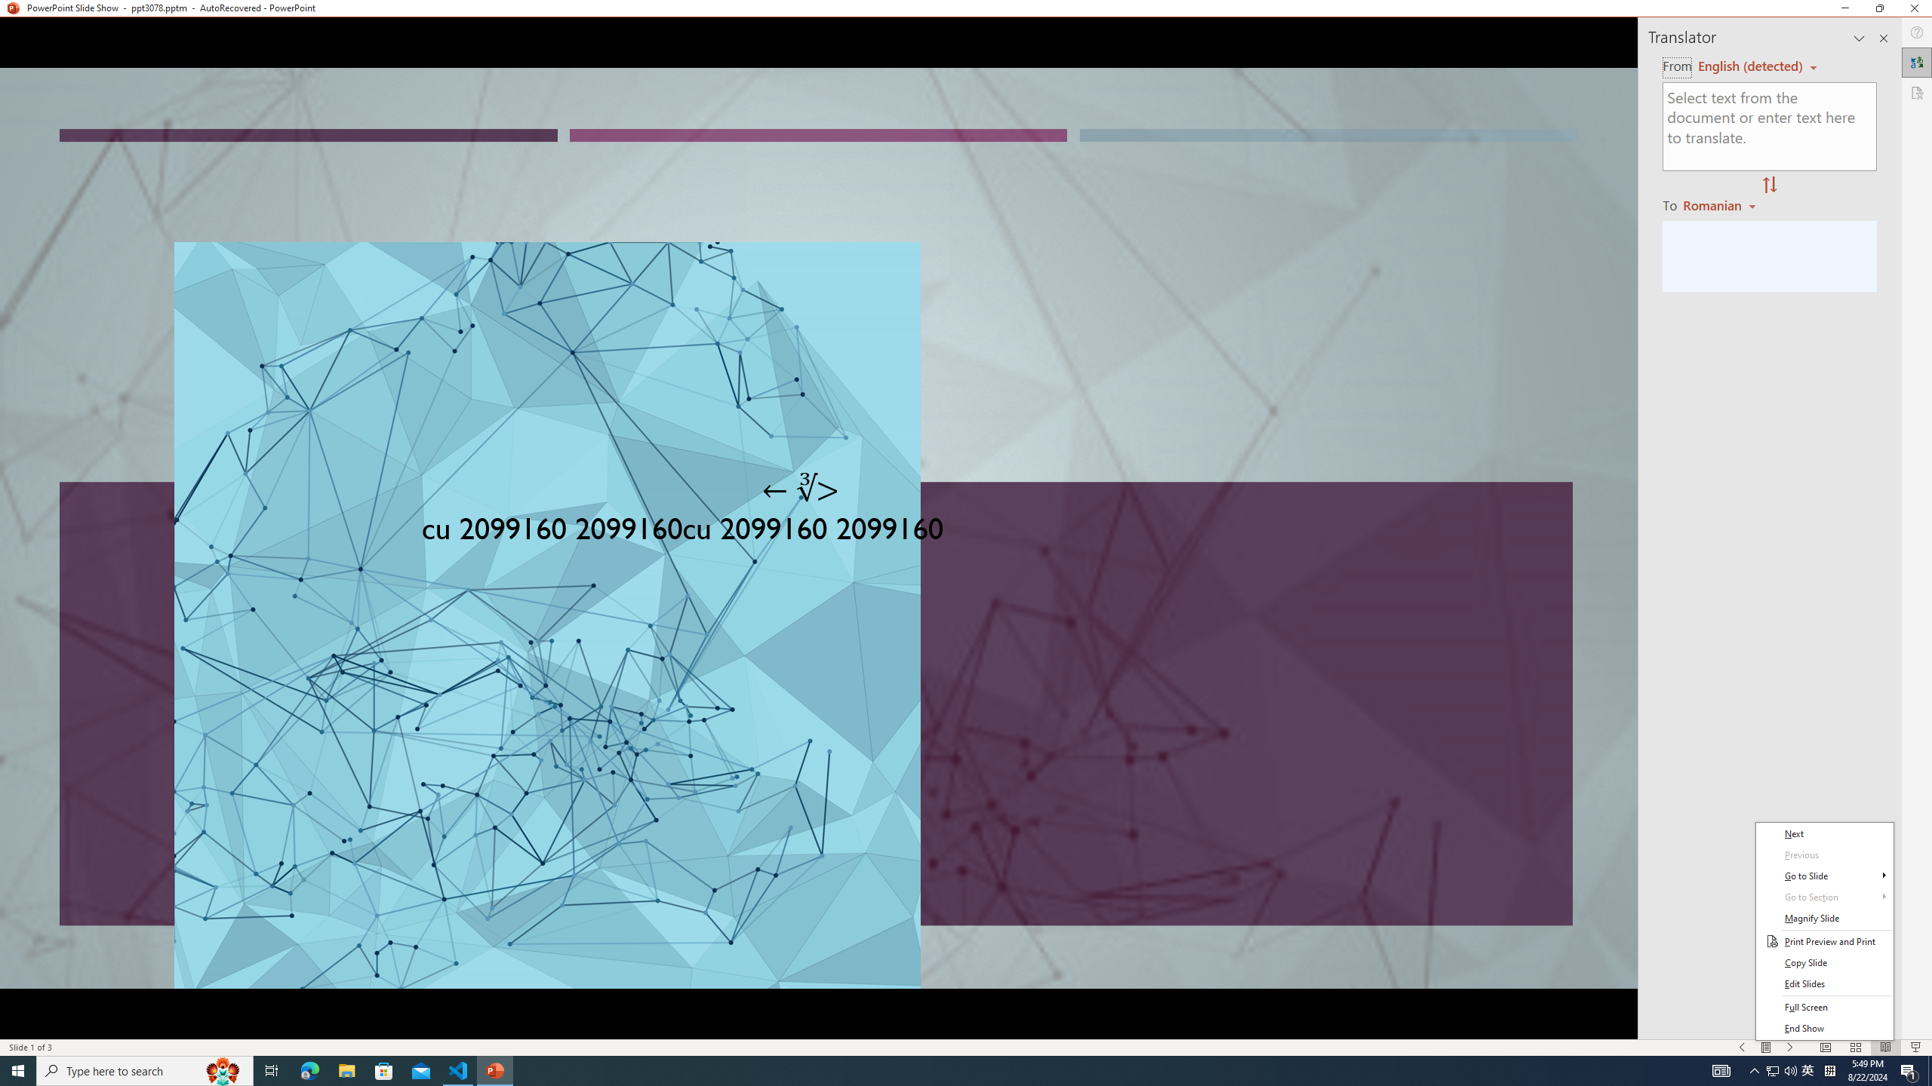  What do you see at coordinates (1824, 833) in the screenshot?
I see `'Next'` at bounding box center [1824, 833].